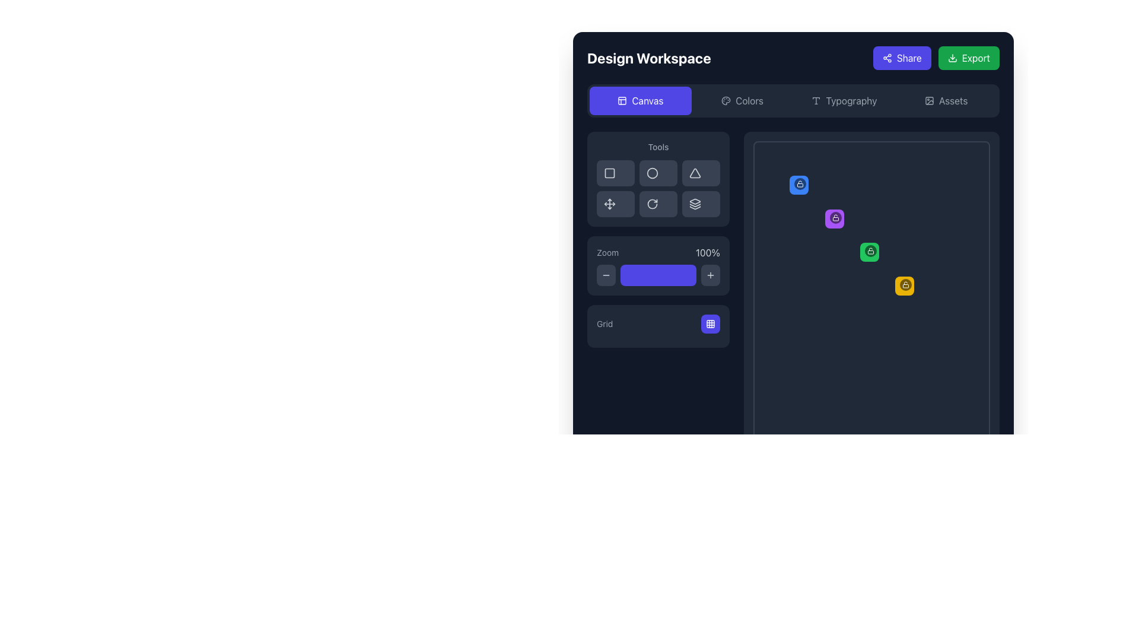 This screenshot has height=641, width=1139. I want to click on the button that navigates to the 'Assets' section, located in the top-right section of the interface, as the fourth item in the navigation bar, so click(946, 100).